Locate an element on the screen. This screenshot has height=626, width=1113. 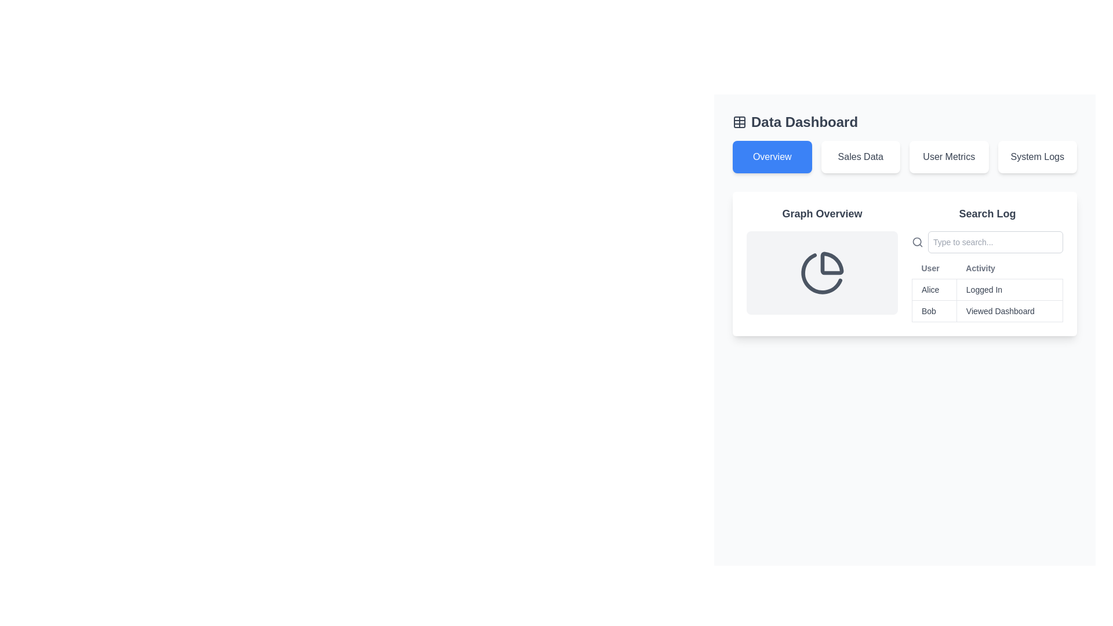
the 'Sales Data' button, which is the second button in a horizontal row of four buttons, located to the right of the 'Overview' button and to the left of the 'User Metrics' button is located at coordinates (860, 156).